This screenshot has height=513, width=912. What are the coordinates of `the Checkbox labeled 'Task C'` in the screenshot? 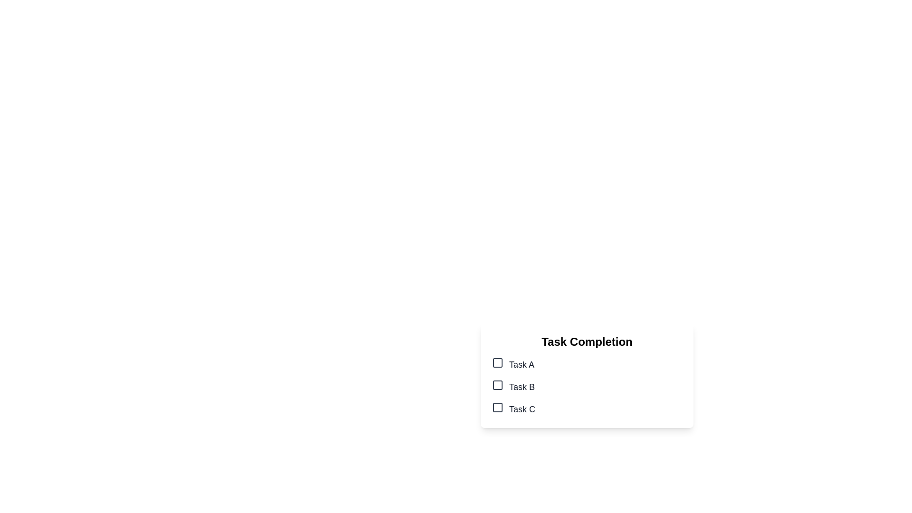 It's located at (587, 408).